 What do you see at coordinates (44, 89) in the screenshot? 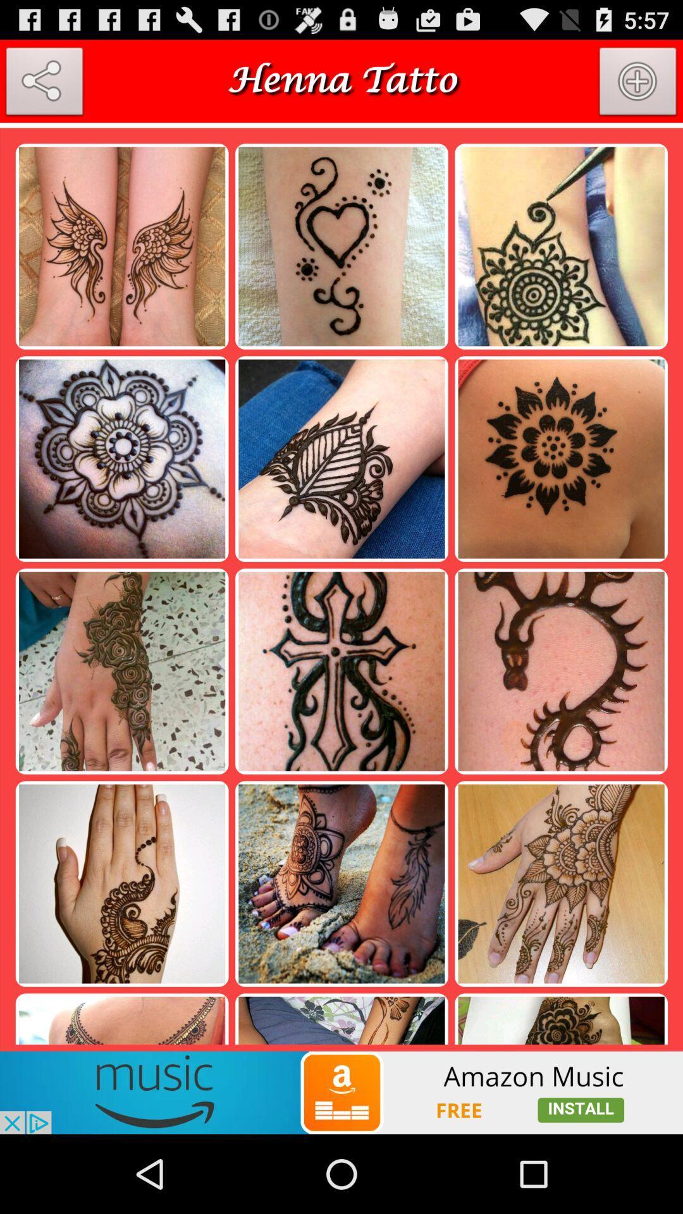
I see `the share icon` at bounding box center [44, 89].